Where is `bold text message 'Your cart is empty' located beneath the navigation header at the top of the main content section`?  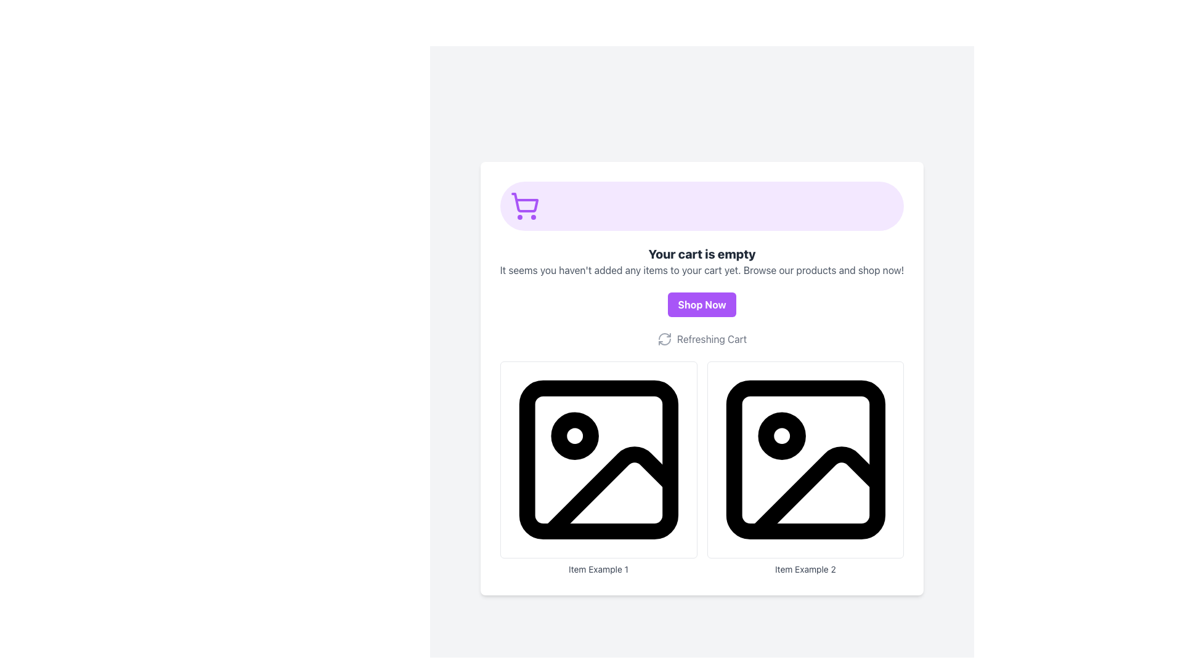 bold text message 'Your cart is empty' located beneath the navigation header at the top of the main content section is located at coordinates (702, 254).